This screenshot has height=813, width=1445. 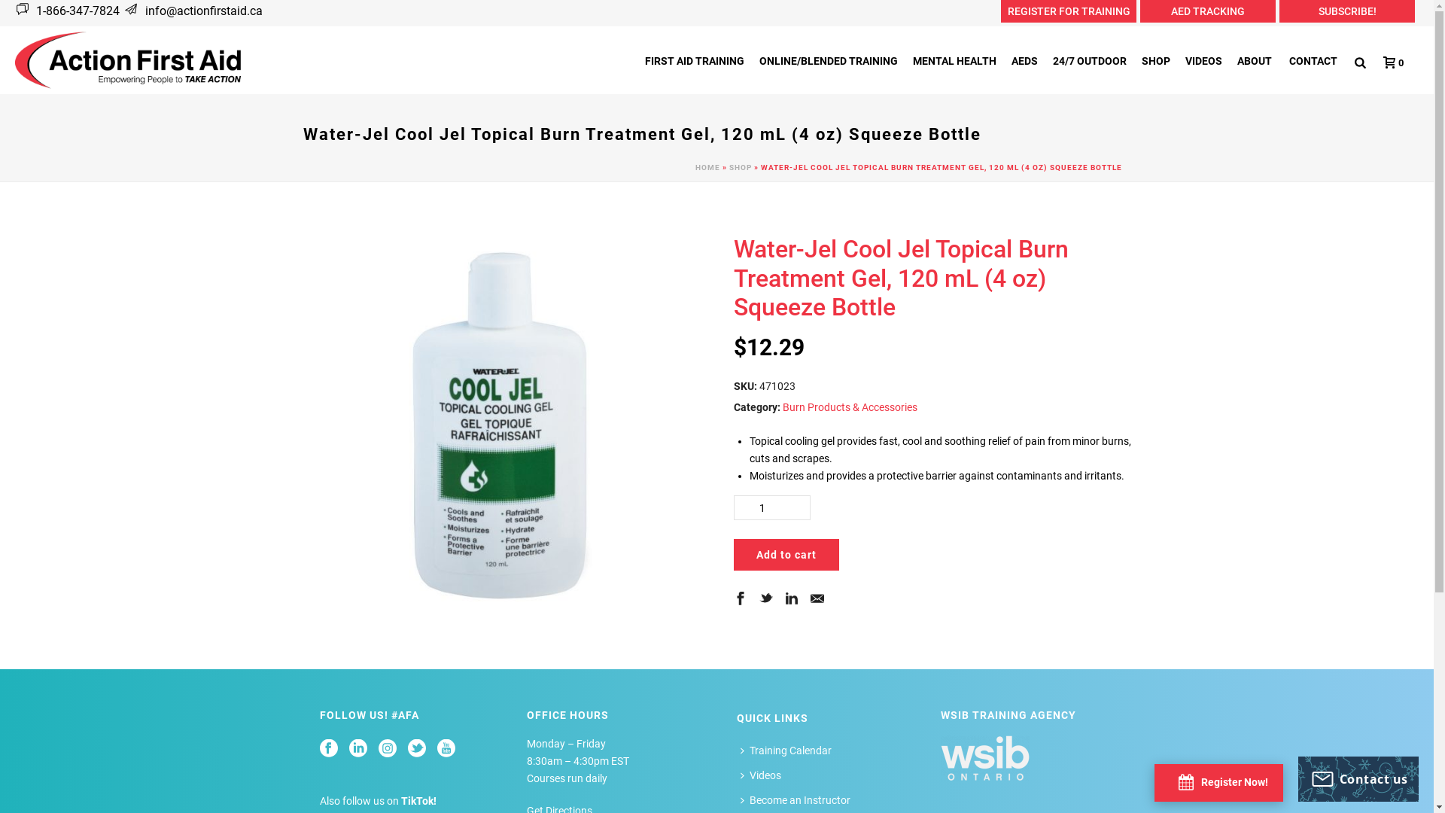 What do you see at coordinates (740, 167) in the screenshot?
I see `'SHOP'` at bounding box center [740, 167].